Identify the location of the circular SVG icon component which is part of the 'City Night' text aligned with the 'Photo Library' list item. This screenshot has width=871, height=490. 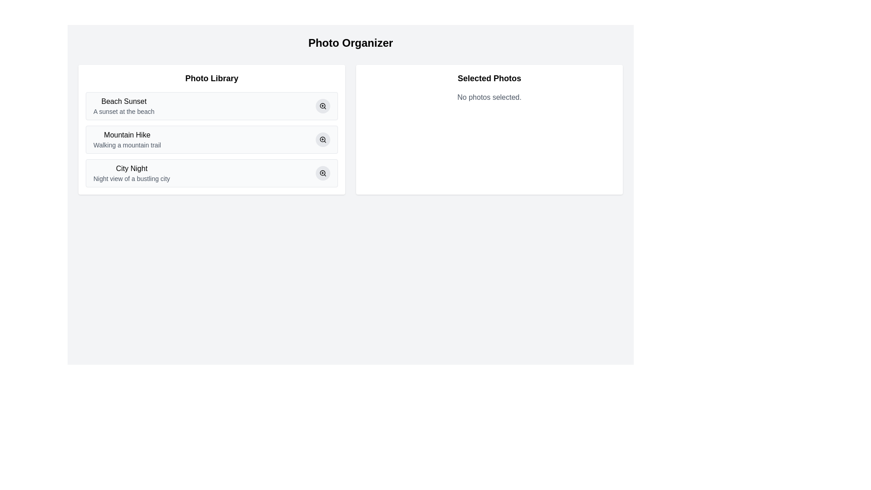
(323, 173).